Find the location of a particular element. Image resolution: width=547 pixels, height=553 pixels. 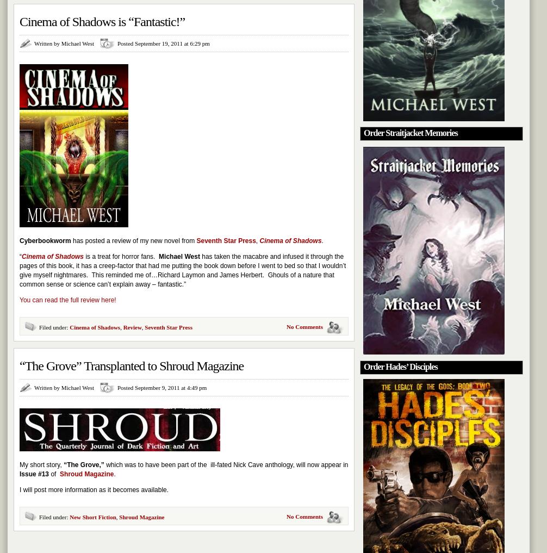

'Issue #13' is located at coordinates (34, 474).